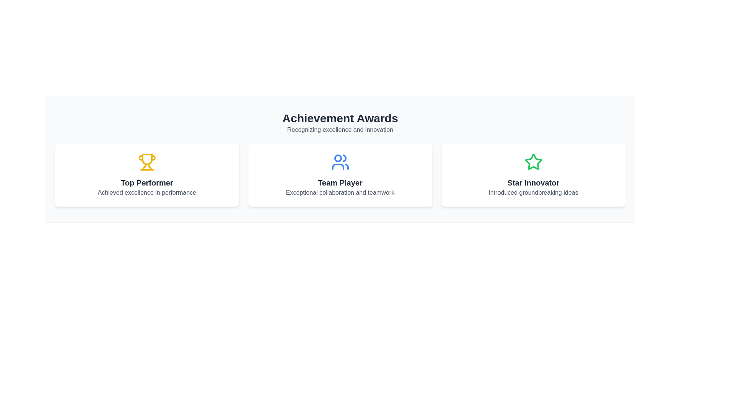 The height and width of the screenshot is (414, 736). I want to click on the decorative icon representing the 'Star Innovator' award located in the rightmost card of the Achievement Awards section, so click(533, 161).